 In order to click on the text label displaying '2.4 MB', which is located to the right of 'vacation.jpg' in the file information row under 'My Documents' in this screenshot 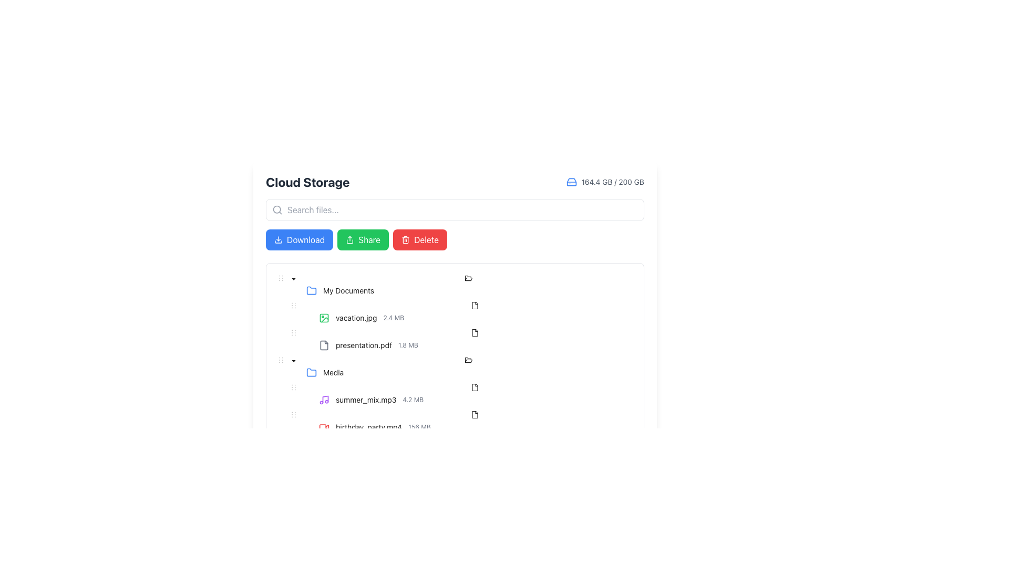, I will do `click(393, 317)`.